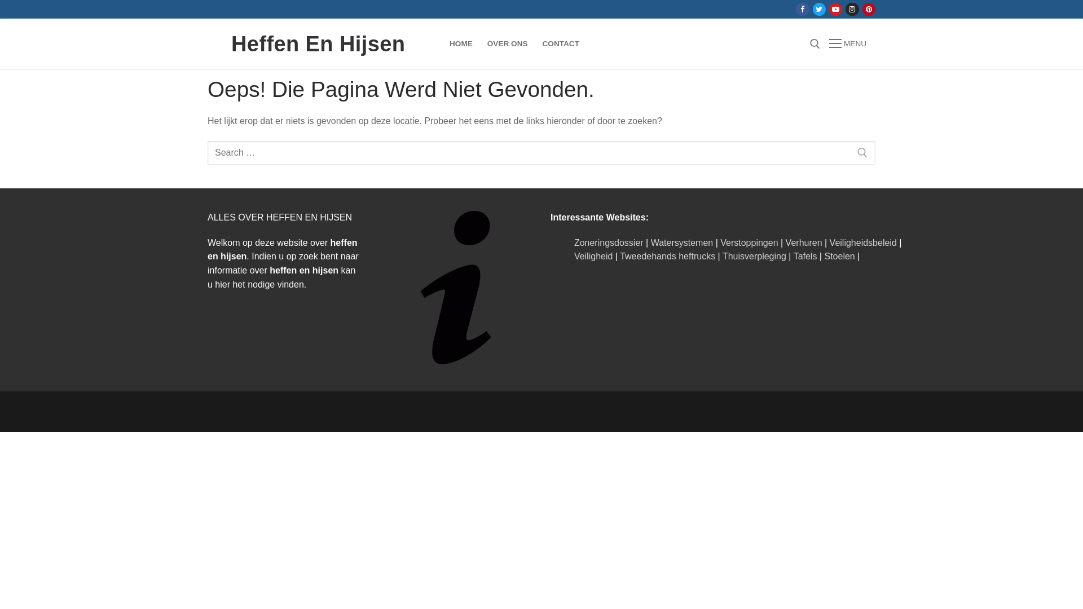  What do you see at coordinates (681, 242) in the screenshot?
I see `'Watersystemen'` at bounding box center [681, 242].